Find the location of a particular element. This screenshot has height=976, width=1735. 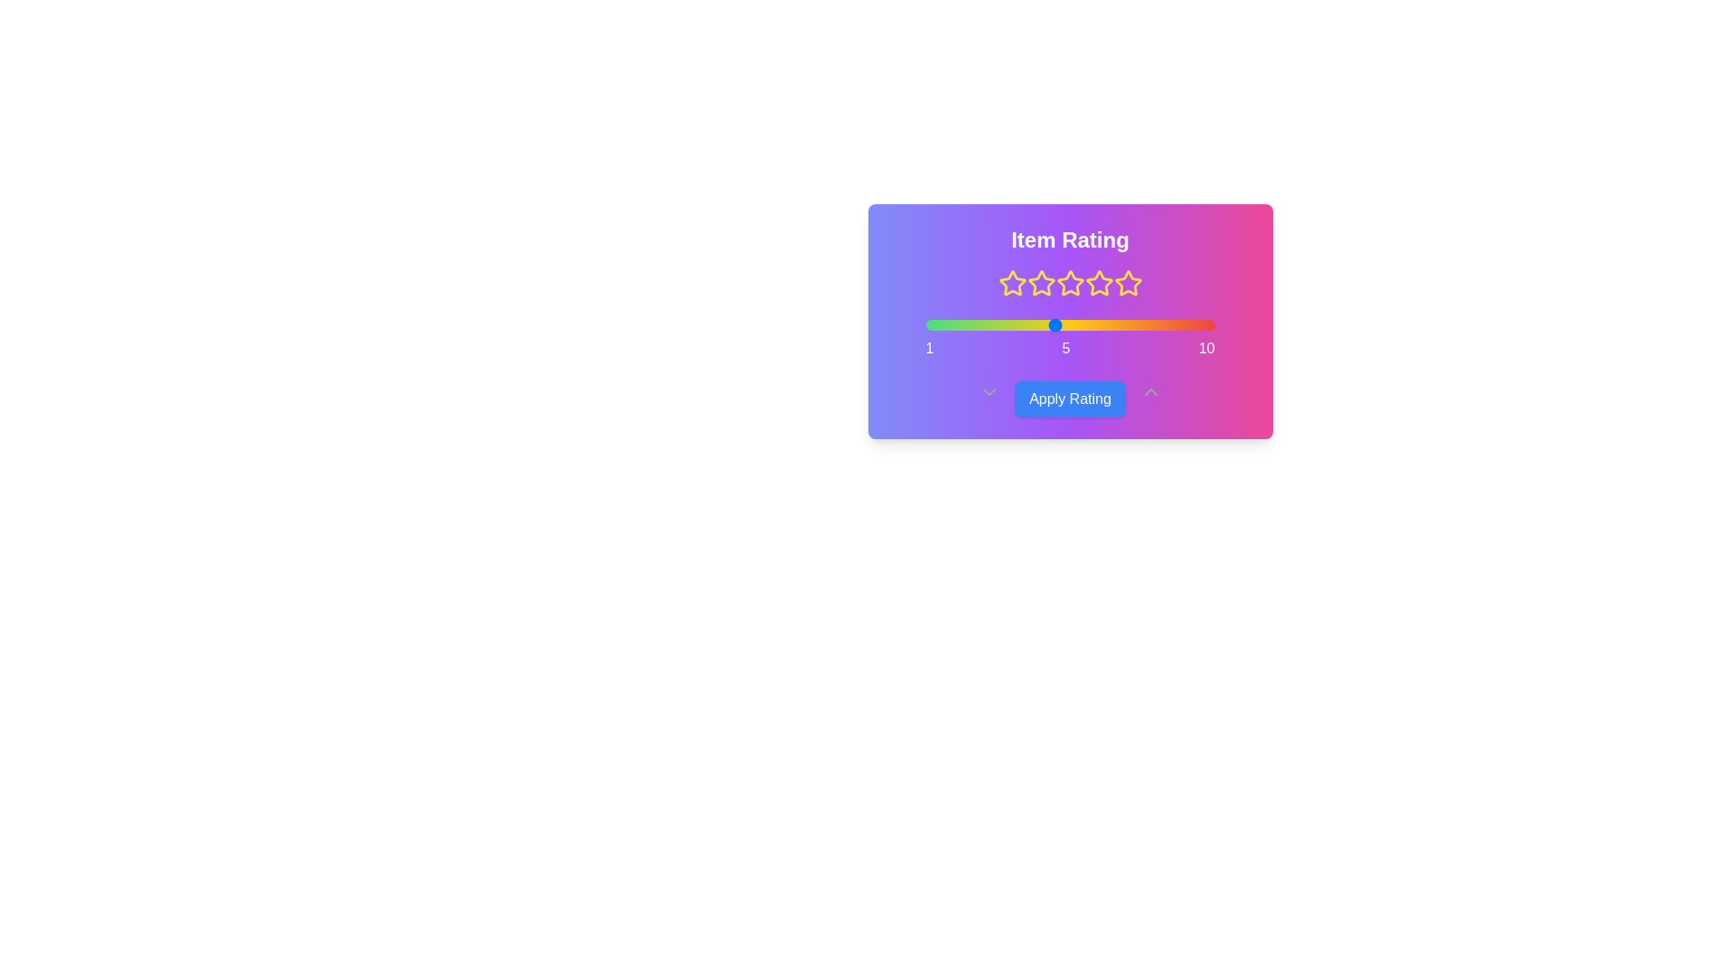

the slider to set the rating to 5 is located at coordinates (1054, 324).